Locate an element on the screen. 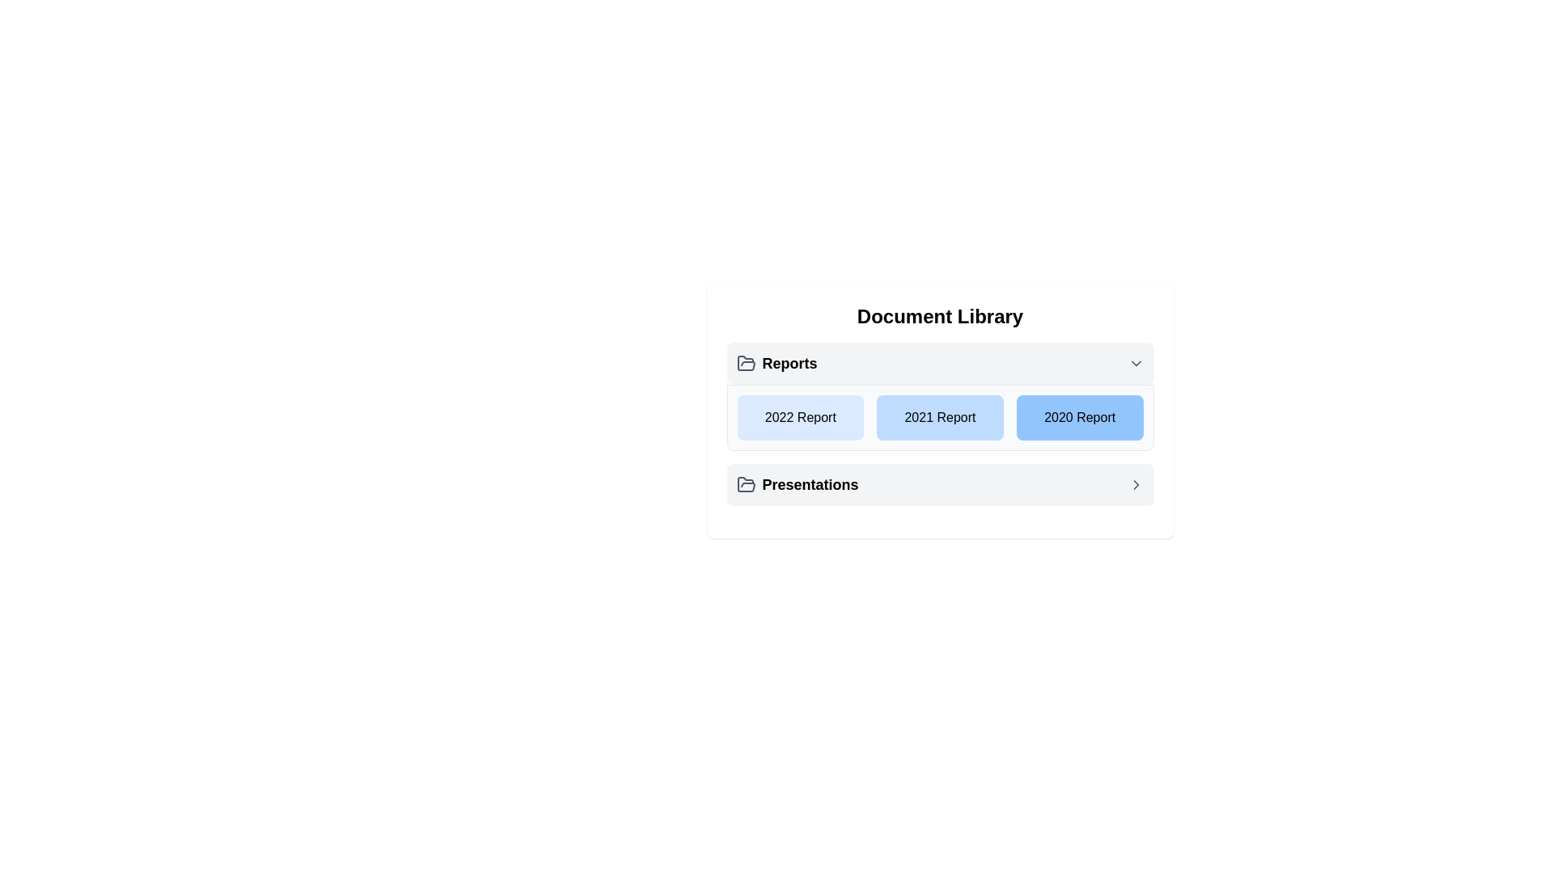 This screenshot has height=873, width=1553. the first List item entry with an icon in the 'Document Library' section is located at coordinates (798, 484).